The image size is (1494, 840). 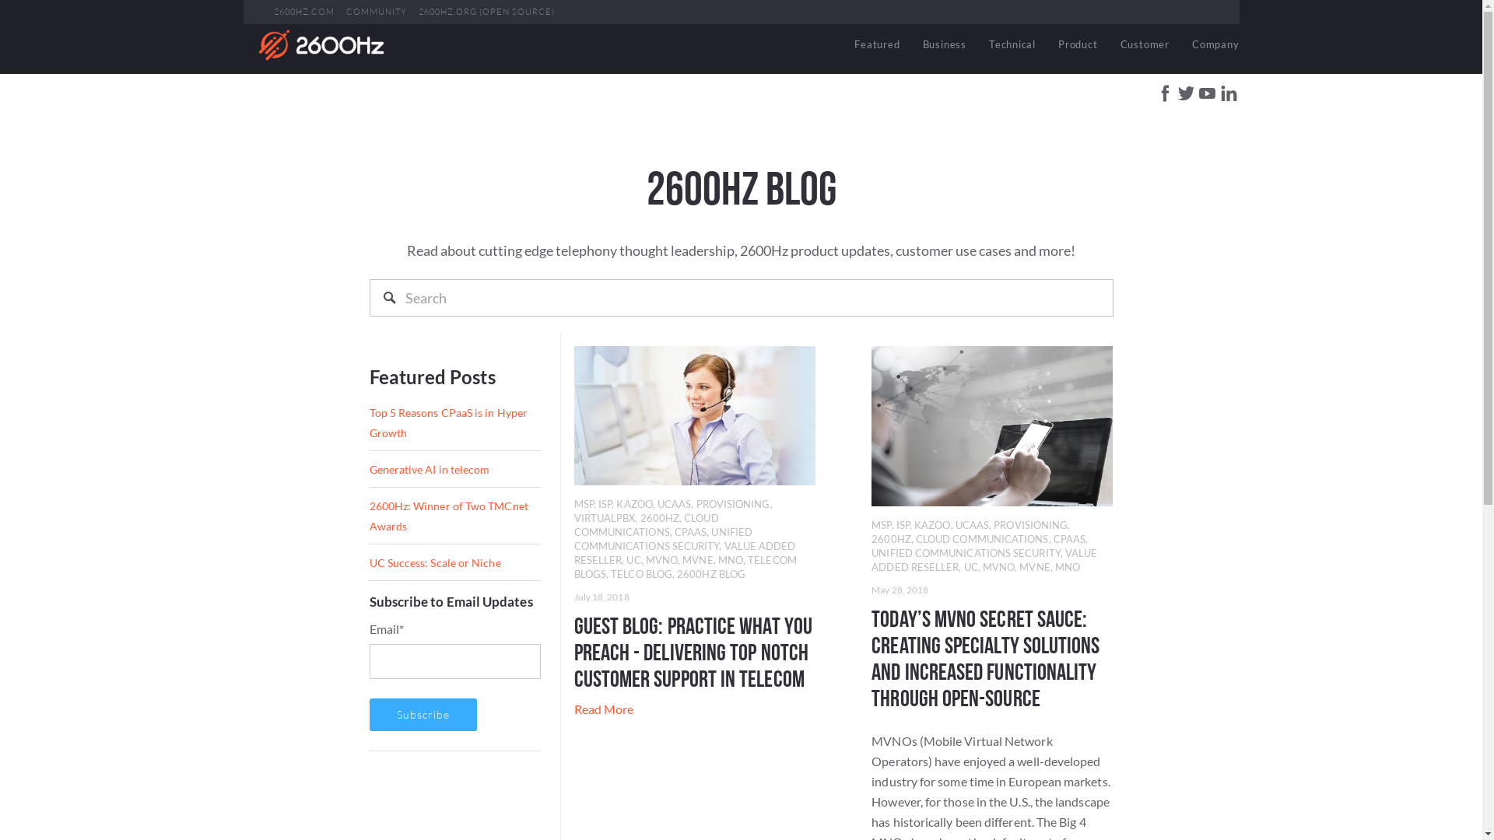 What do you see at coordinates (682, 560) in the screenshot?
I see `'MVNE'` at bounding box center [682, 560].